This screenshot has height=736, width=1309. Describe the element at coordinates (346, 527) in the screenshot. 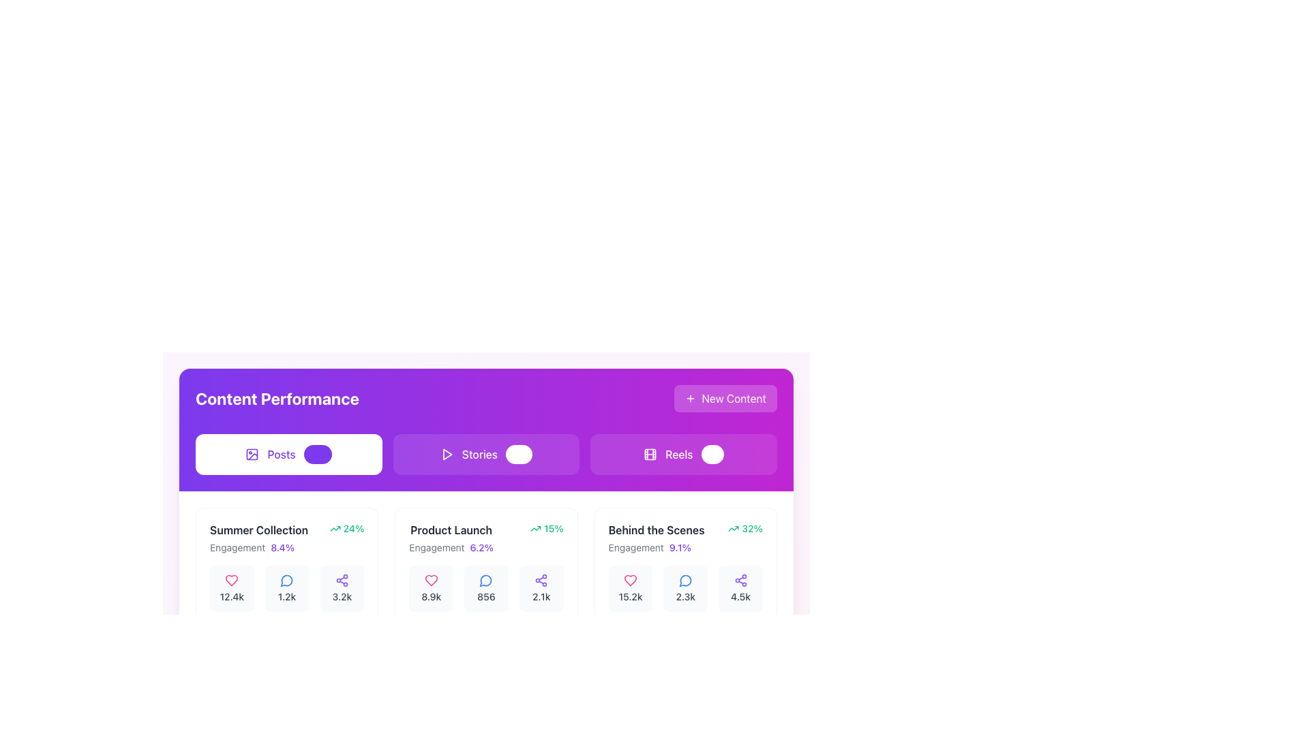

I see `the text label displaying '24%' with an upward trend icon, located on the top-right corner of the 'Summer Collection' section` at that location.